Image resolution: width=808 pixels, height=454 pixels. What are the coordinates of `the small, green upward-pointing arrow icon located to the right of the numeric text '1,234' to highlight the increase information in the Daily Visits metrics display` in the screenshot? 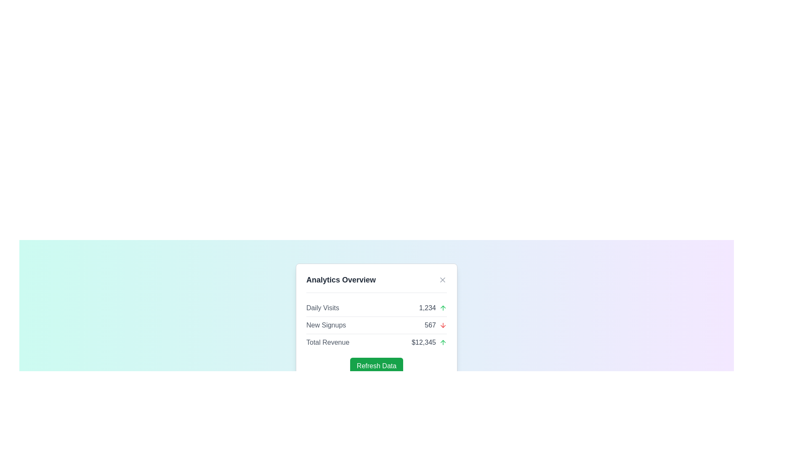 It's located at (442, 308).